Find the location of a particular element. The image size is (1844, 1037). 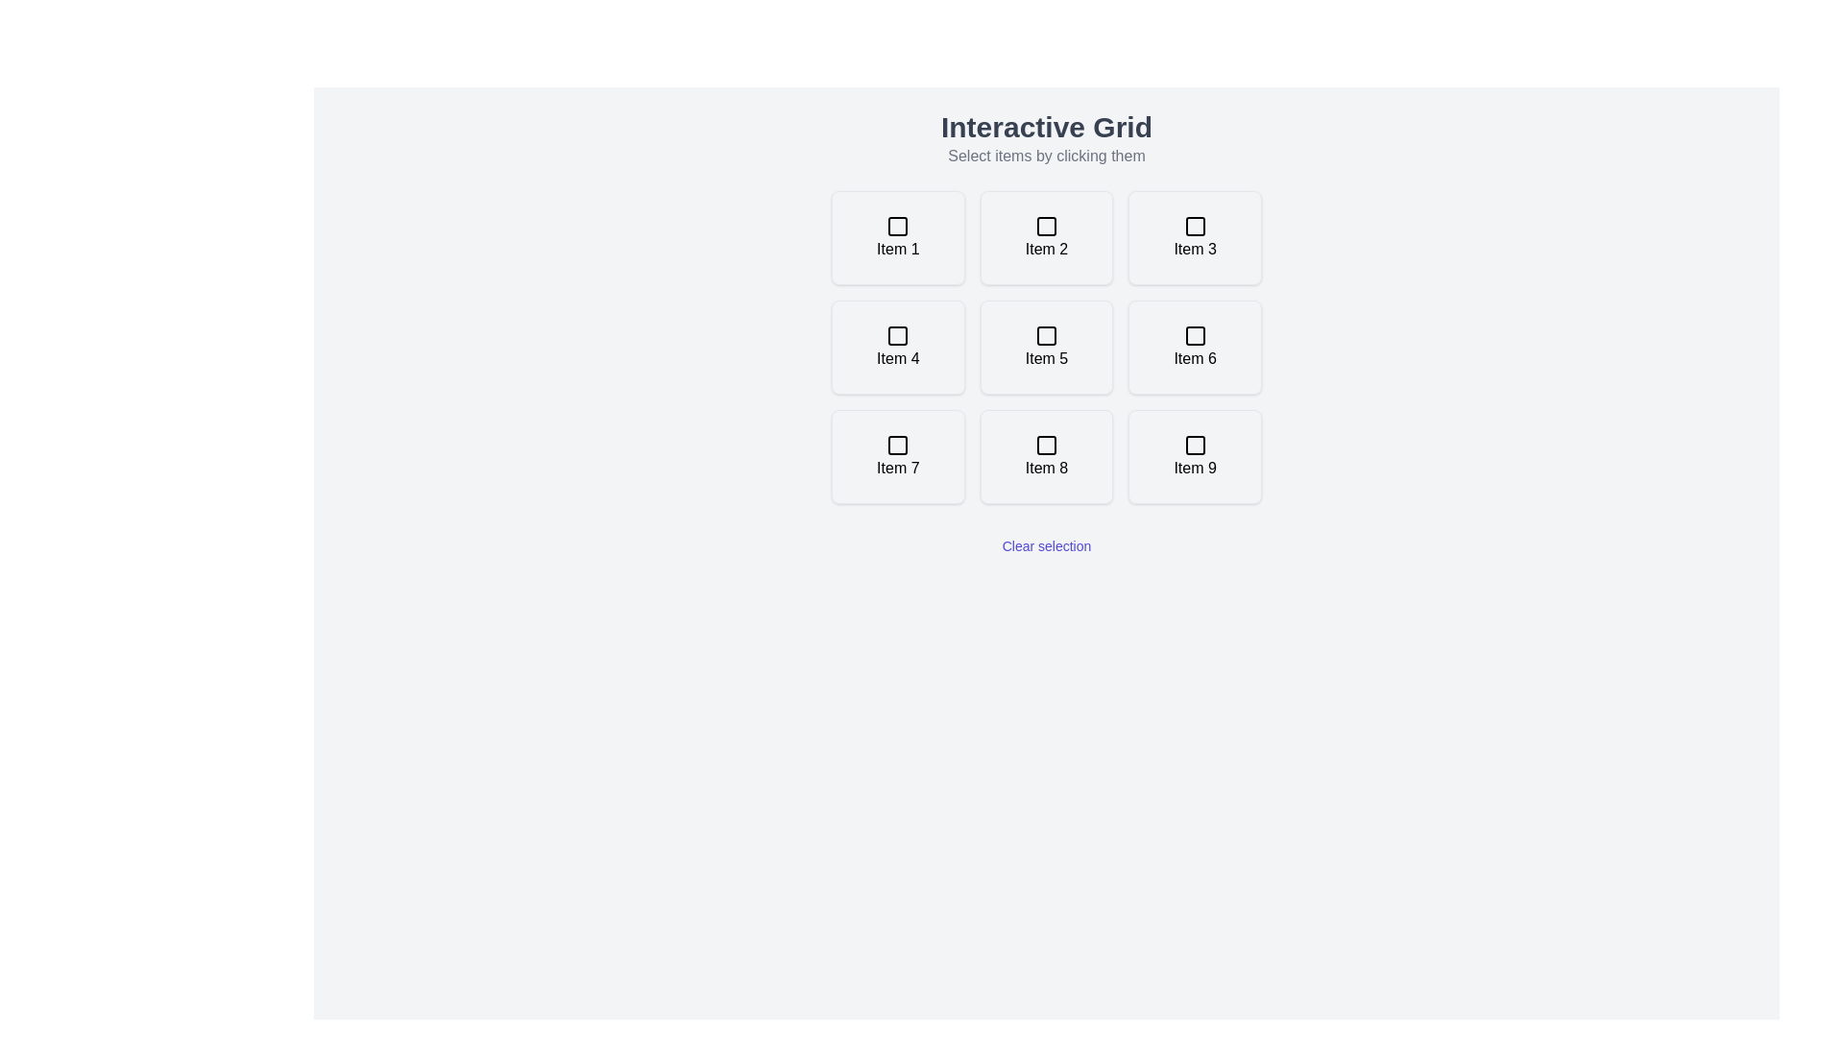

the square icon with rounded corners associated with the label 'Item 6' is located at coordinates (1194, 335).